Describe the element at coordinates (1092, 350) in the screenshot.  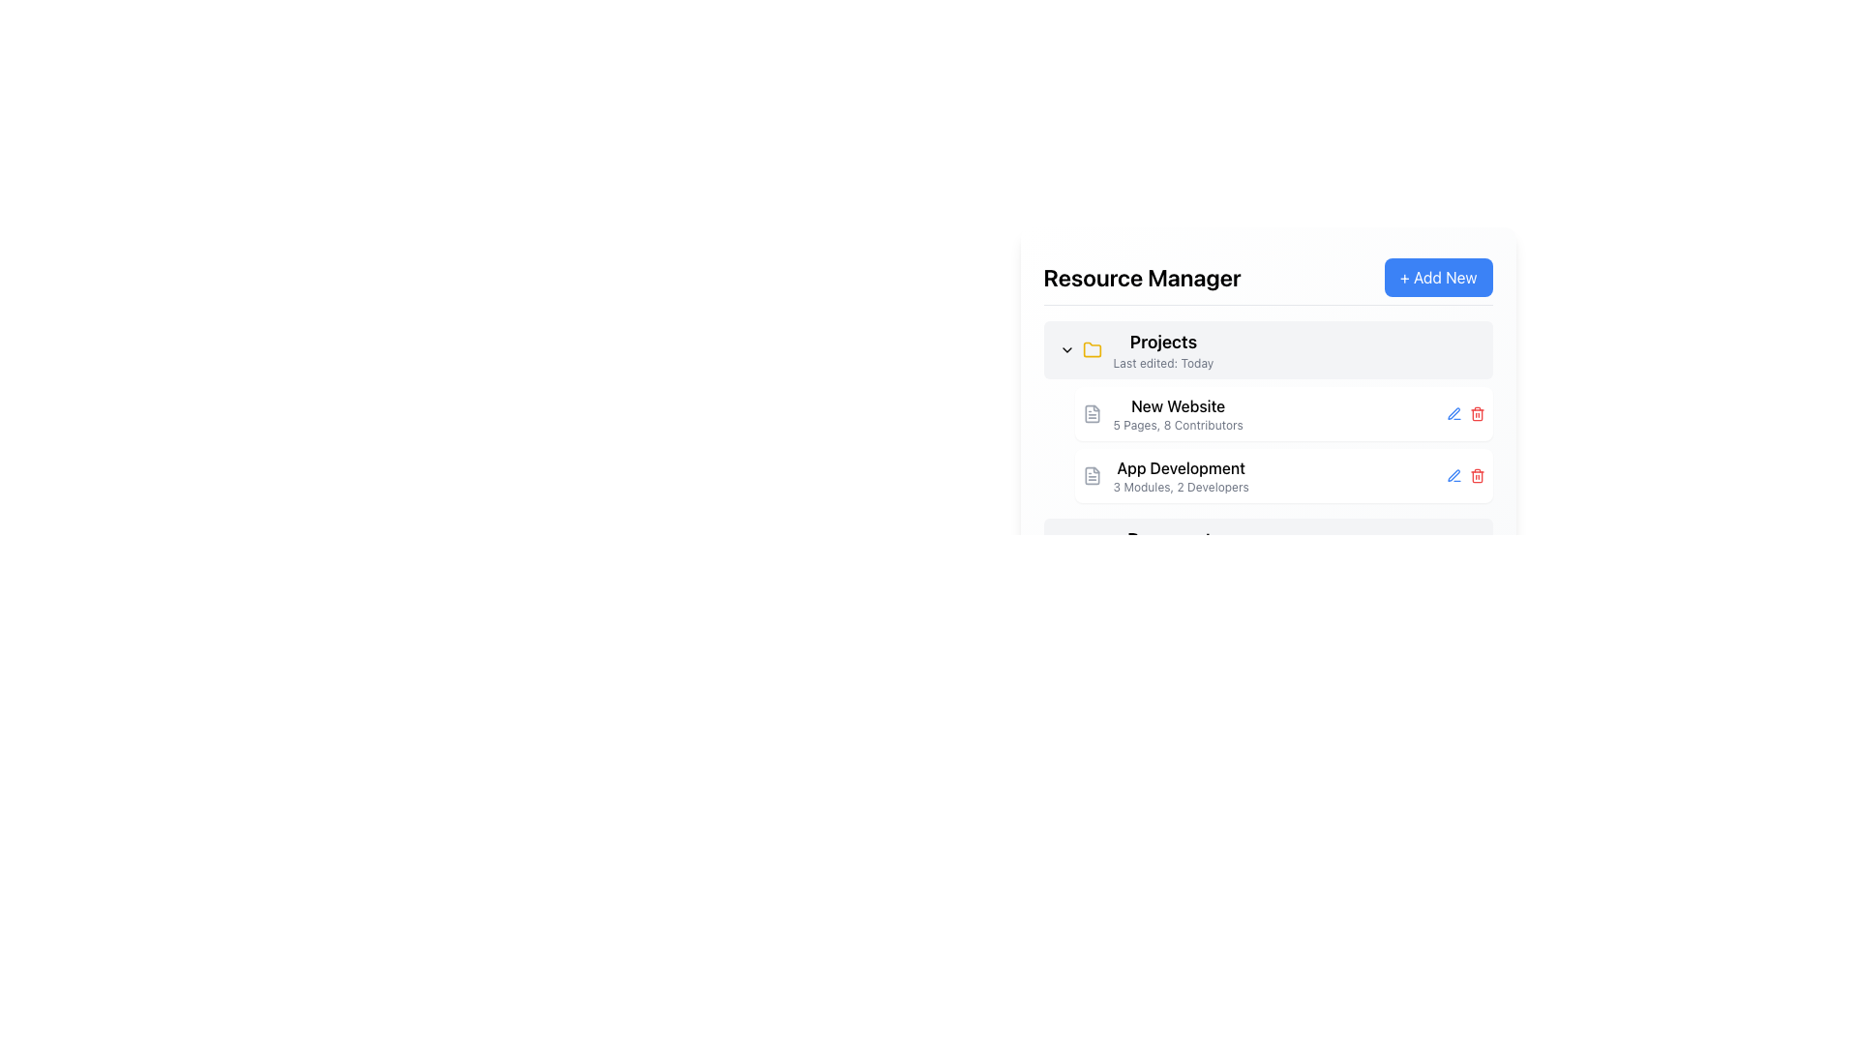
I see `the folder icon located in the upper section of the interface, next to the downward-facing chevron arrow and to the left of the 'Projects' text, to interact with its related functionality` at that location.